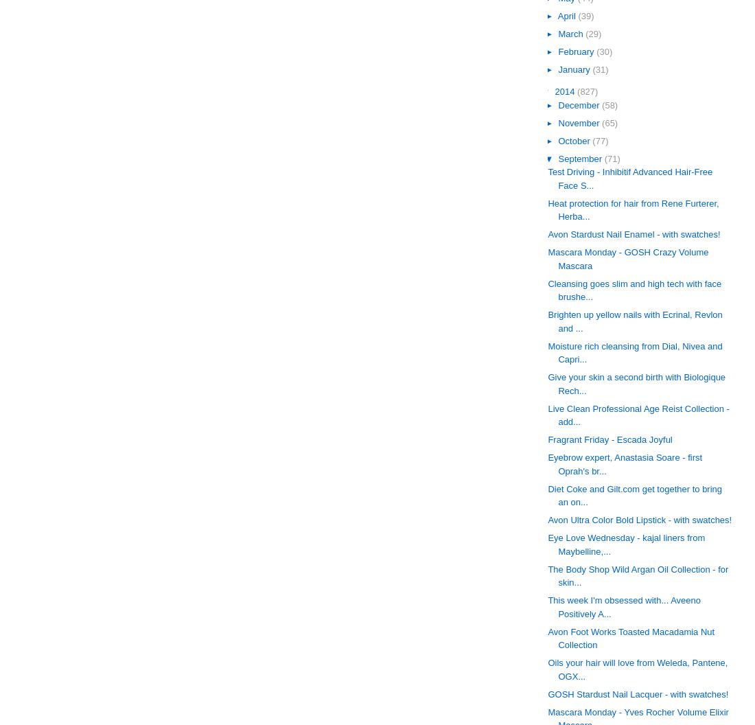 The height and width of the screenshot is (725, 755). Describe the element at coordinates (571, 33) in the screenshot. I see `'March'` at that location.